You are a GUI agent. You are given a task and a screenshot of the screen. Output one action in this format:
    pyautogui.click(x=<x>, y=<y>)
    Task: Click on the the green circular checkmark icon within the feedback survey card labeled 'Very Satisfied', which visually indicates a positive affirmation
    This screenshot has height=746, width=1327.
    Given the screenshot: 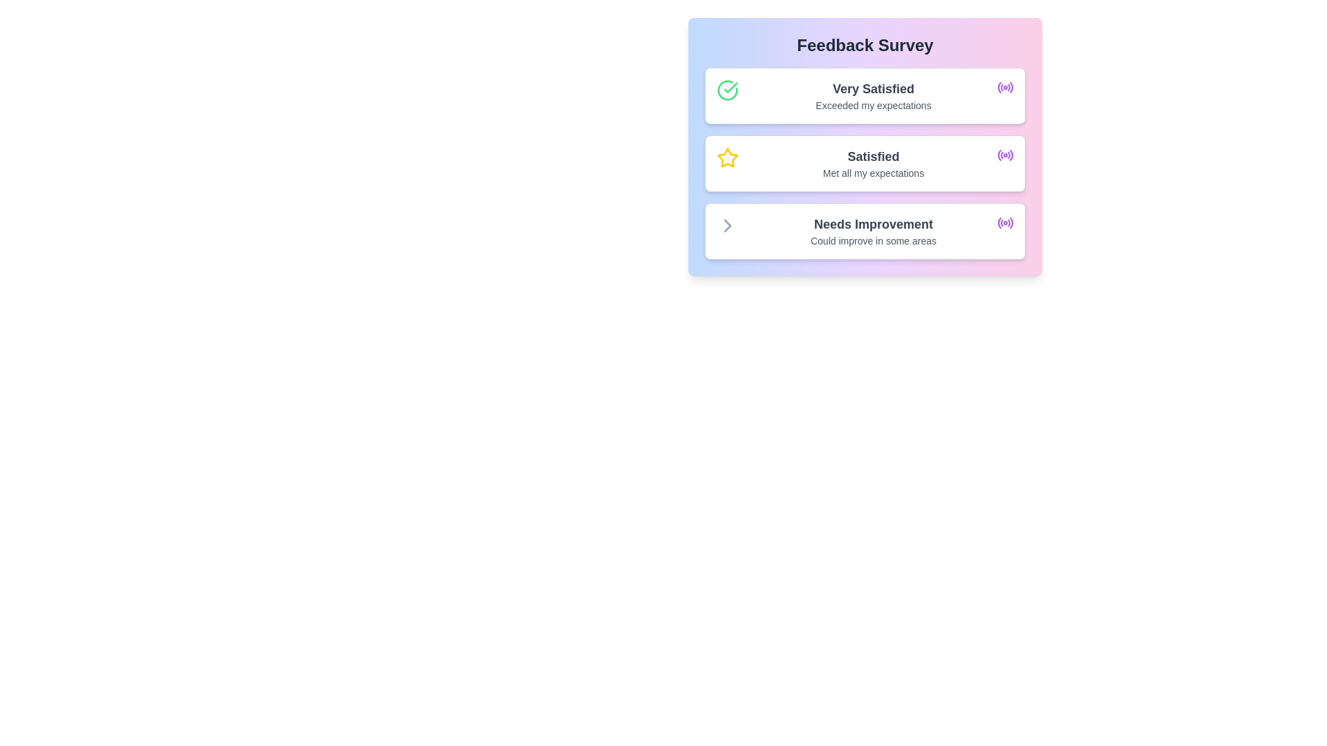 What is the action you would take?
    pyautogui.click(x=726, y=95)
    